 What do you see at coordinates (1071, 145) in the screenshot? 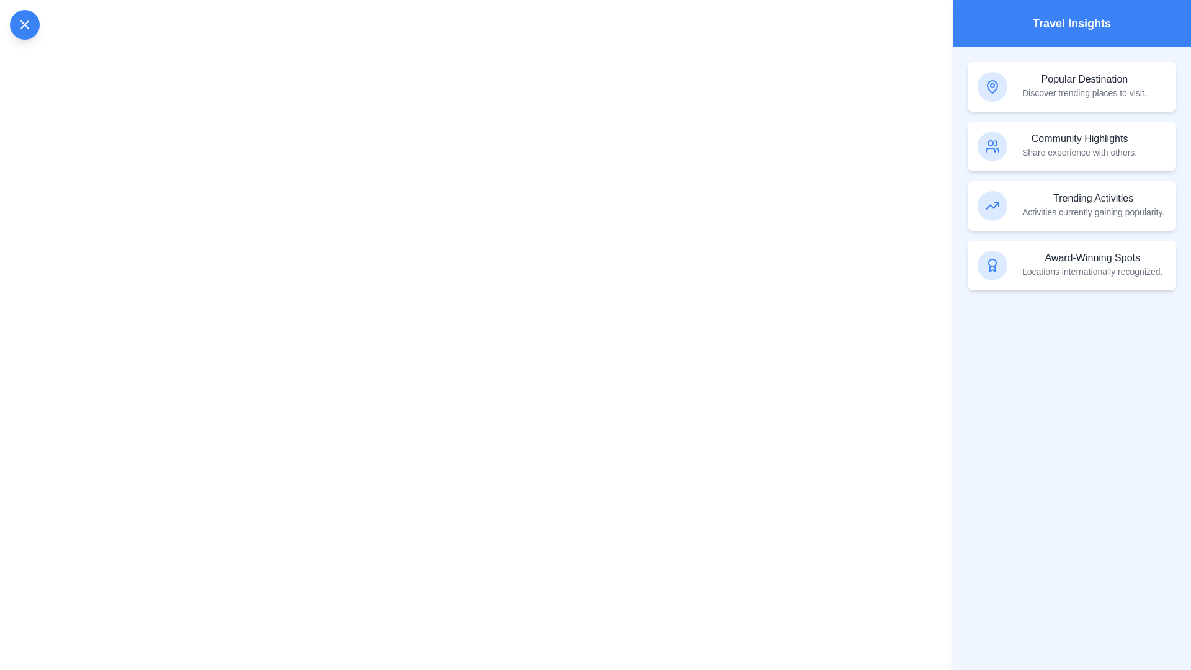
I see `the insight item corresponding to Community Highlights` at bounding box center [1071, 145].